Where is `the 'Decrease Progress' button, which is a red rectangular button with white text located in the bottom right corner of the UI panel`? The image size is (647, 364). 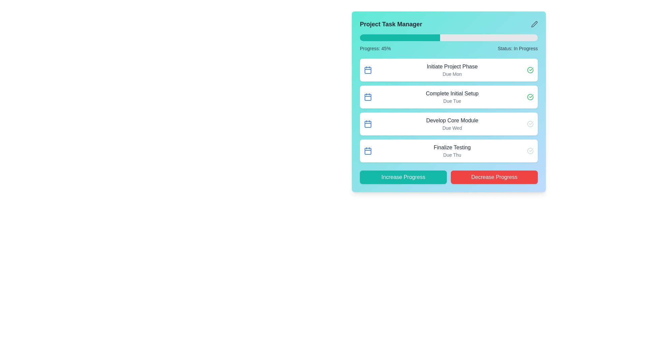
the 'Decrease Progress' button, which is a red rectangular button with white text located in the bottom right corner of the UI panel is located at coordinates (494, 177).